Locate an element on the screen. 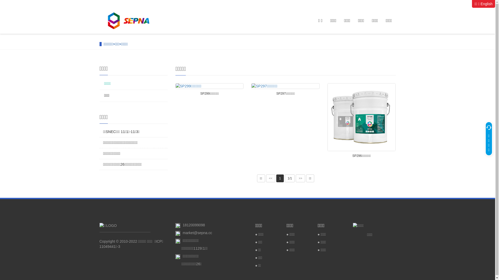  'English' is located at coordinates (486, 4).